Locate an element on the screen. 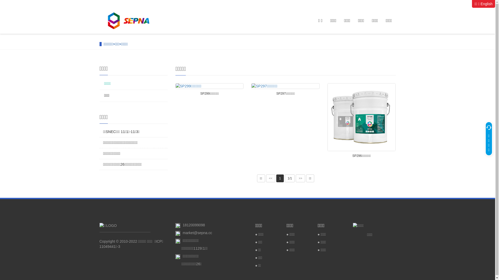  'English' is located at coordinates (486, 4).